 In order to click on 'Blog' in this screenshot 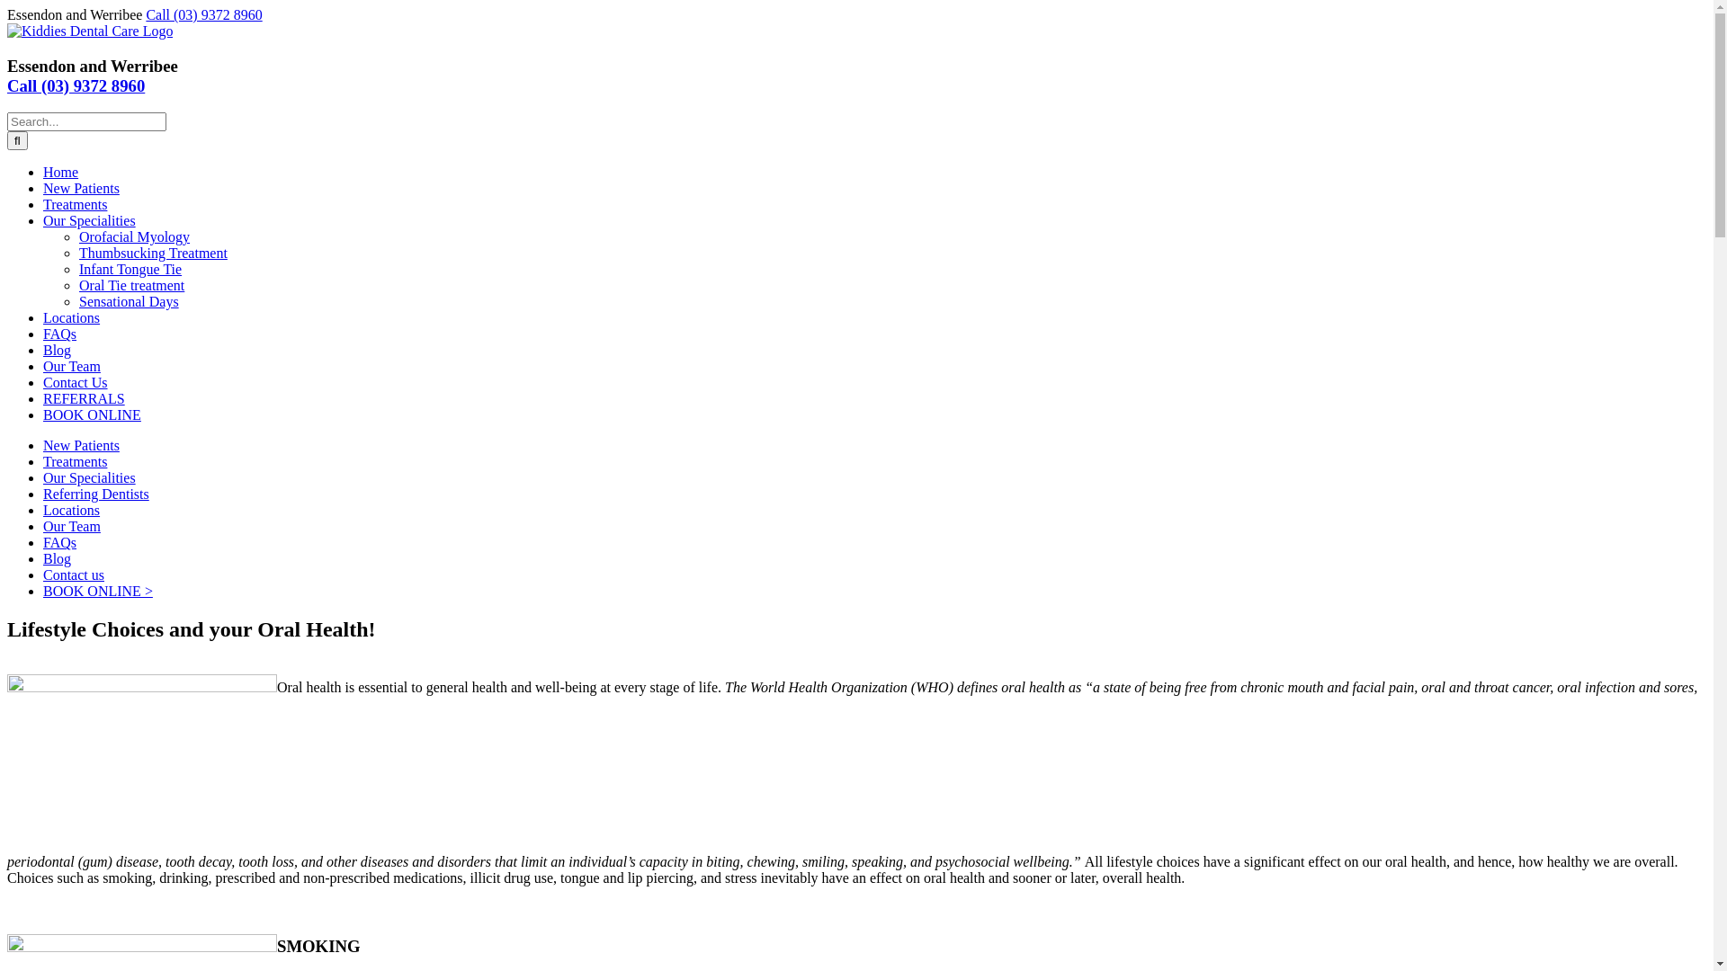, I will do `click(57, 350)`.